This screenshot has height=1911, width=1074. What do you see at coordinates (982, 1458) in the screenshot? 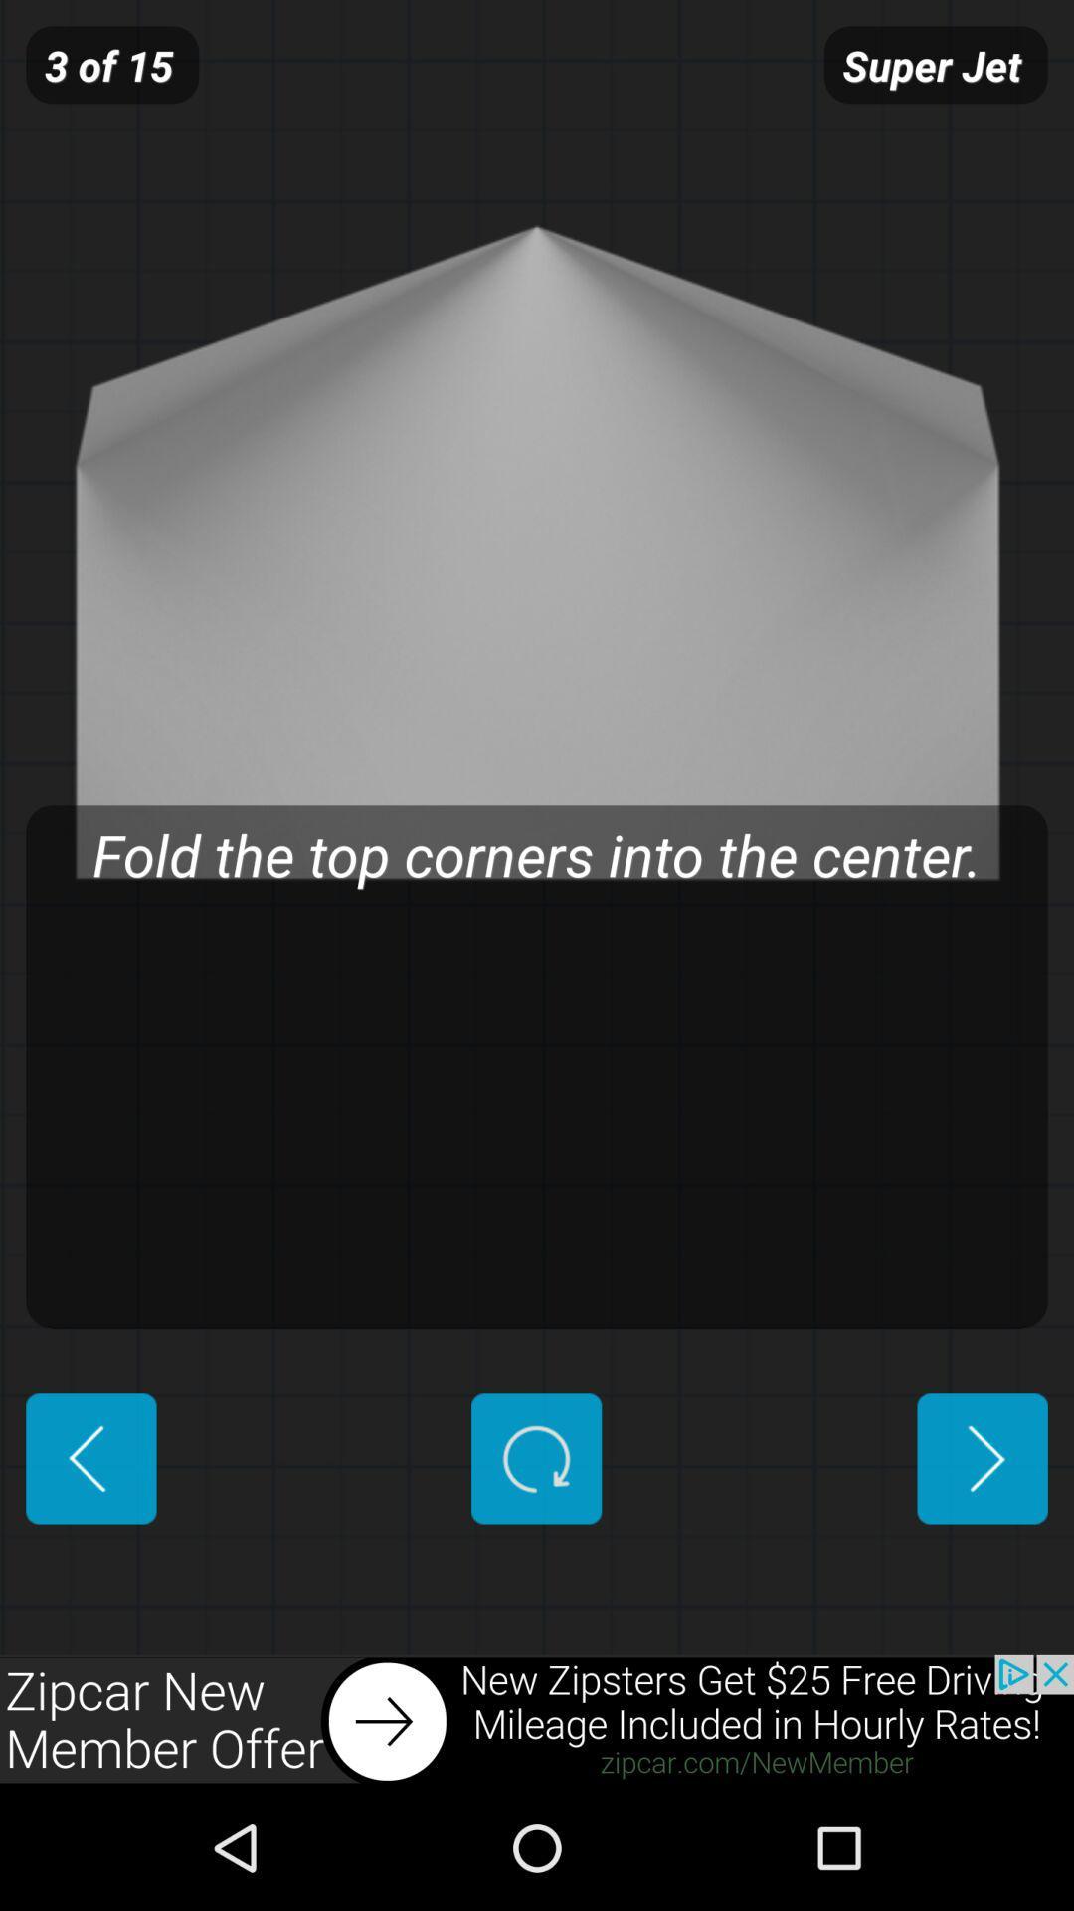
I see `advance to next page` at bounding box center [982, 1458].